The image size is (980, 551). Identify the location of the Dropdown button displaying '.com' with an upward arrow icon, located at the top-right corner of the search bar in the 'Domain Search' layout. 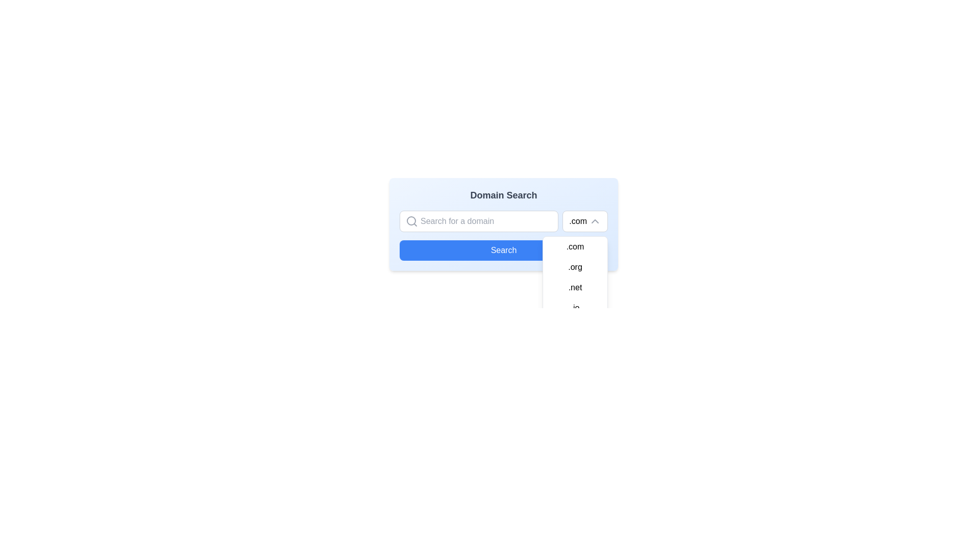
(585, 221).